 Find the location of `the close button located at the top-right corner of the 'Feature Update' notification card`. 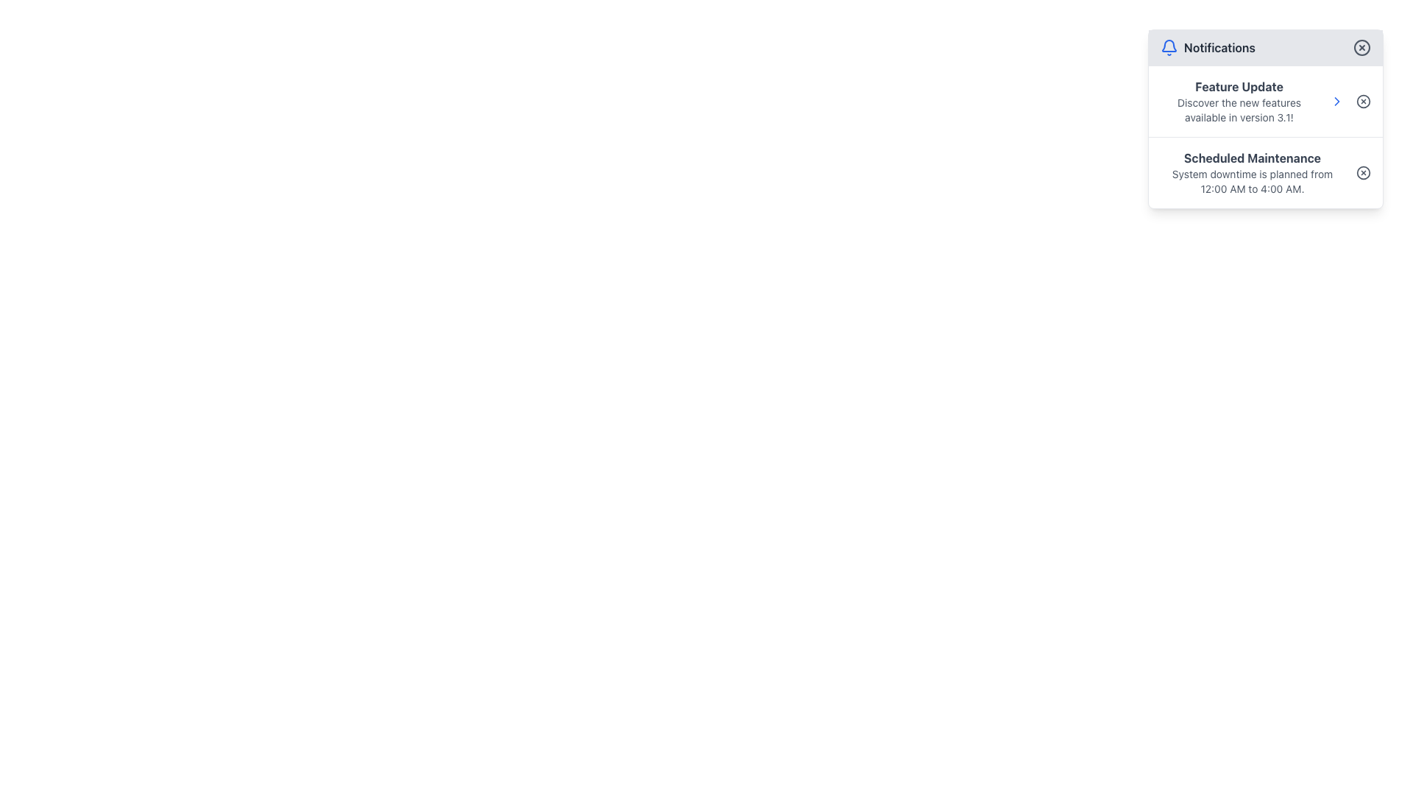

the close button located at the top-right corner of the 'Feature Update' notification card is located at coordinates (1362, 101).